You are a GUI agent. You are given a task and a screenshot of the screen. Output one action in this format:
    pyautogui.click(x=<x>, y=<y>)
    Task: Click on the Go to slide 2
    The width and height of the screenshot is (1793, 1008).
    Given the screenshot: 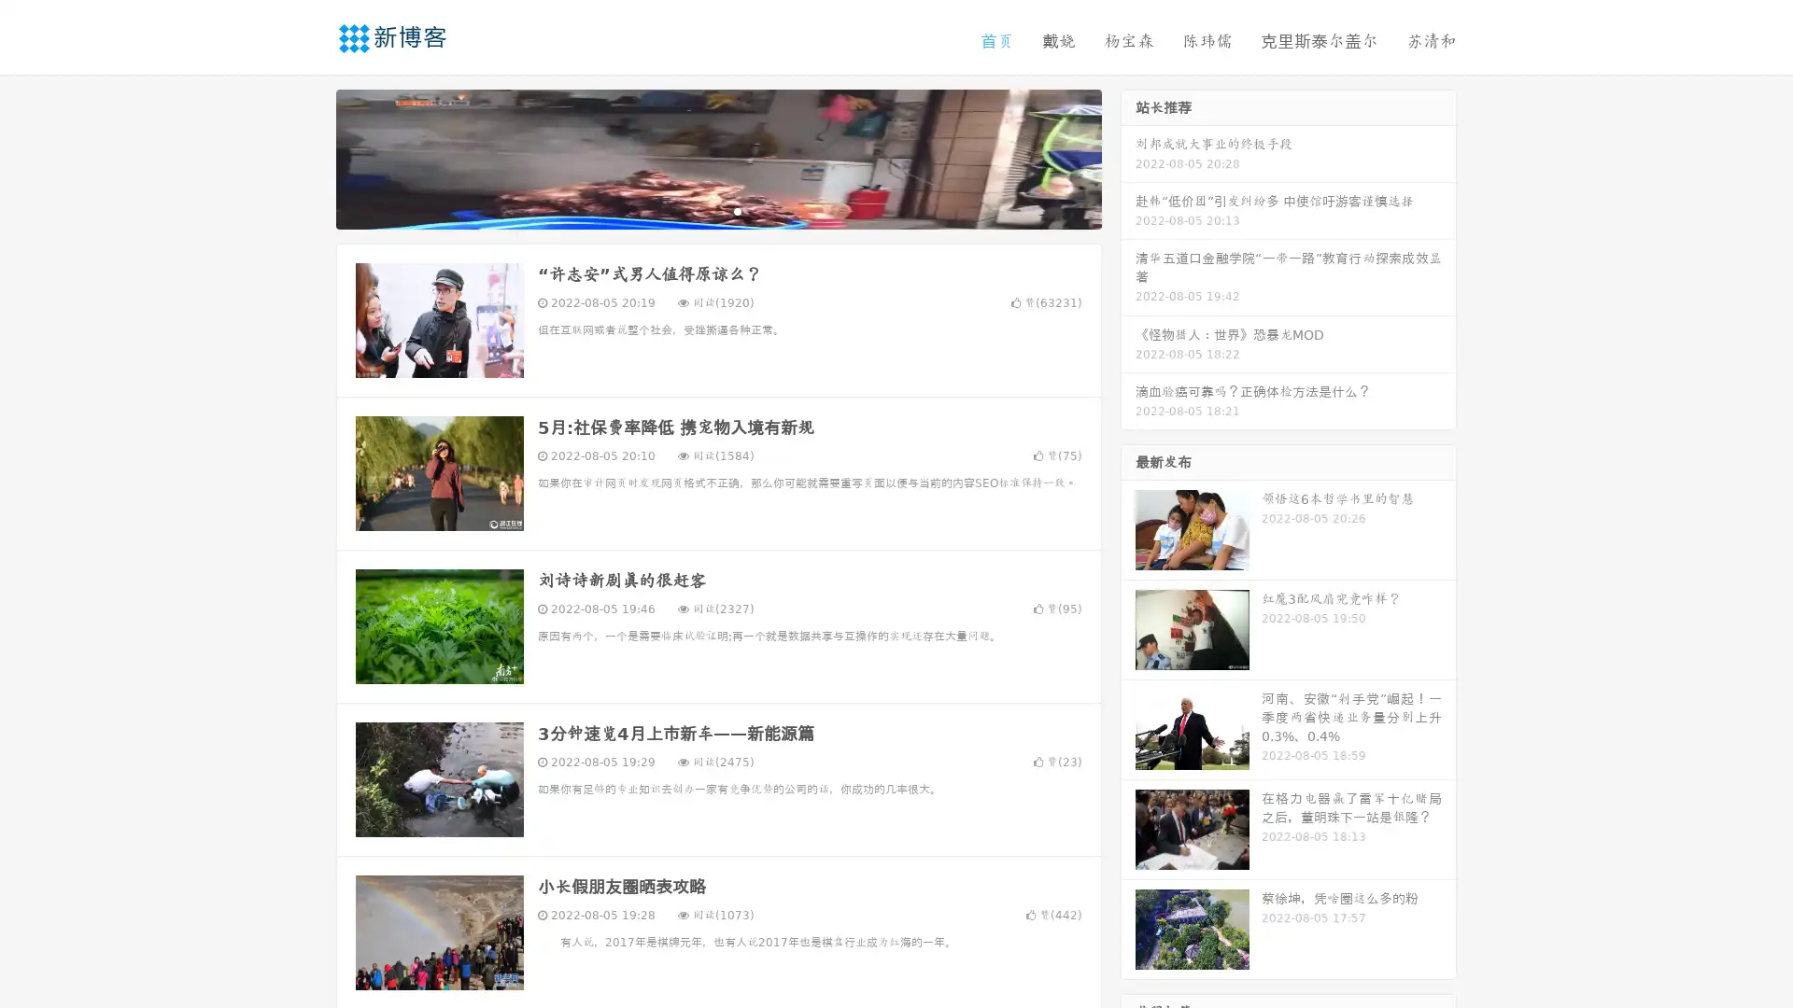 What is the action you would take?
    pyautogui.click(x=717, y=210)
    